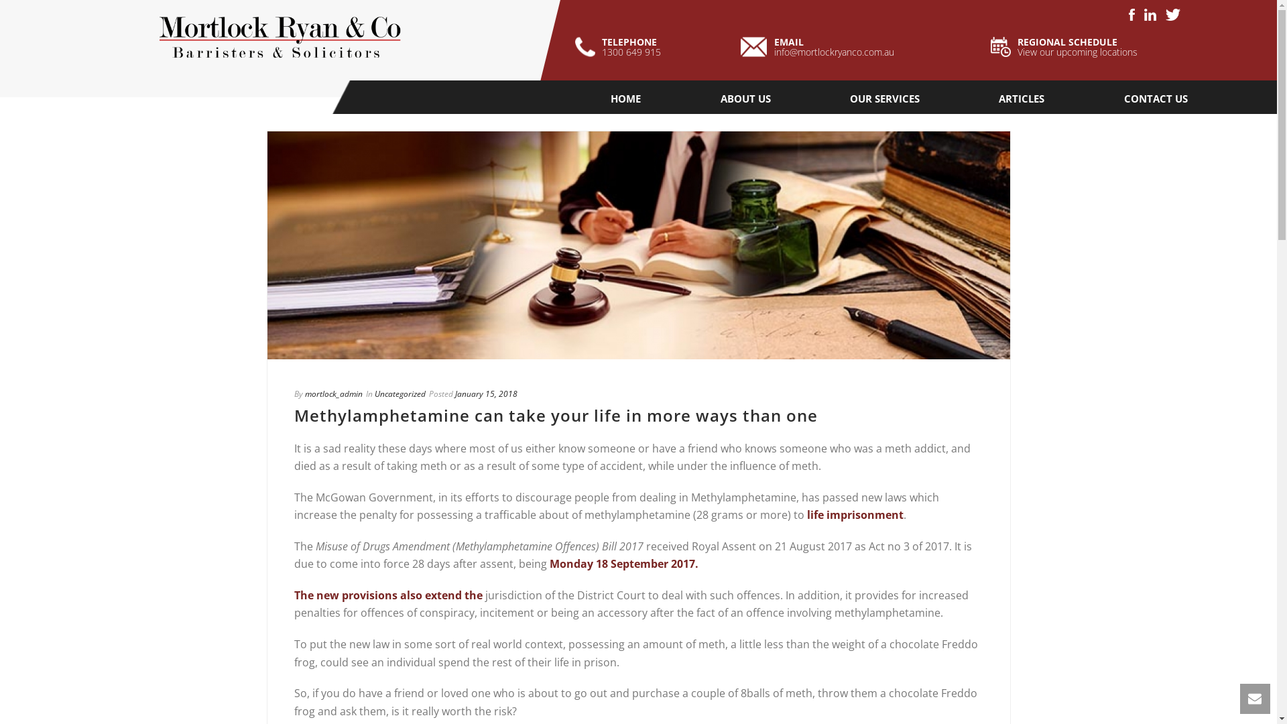 Image resolution: width=1287 pixels, height=724 pixels. Describe the element at coordinates (1131, 15) in the screenshot. I see `'facebook'` at that location.